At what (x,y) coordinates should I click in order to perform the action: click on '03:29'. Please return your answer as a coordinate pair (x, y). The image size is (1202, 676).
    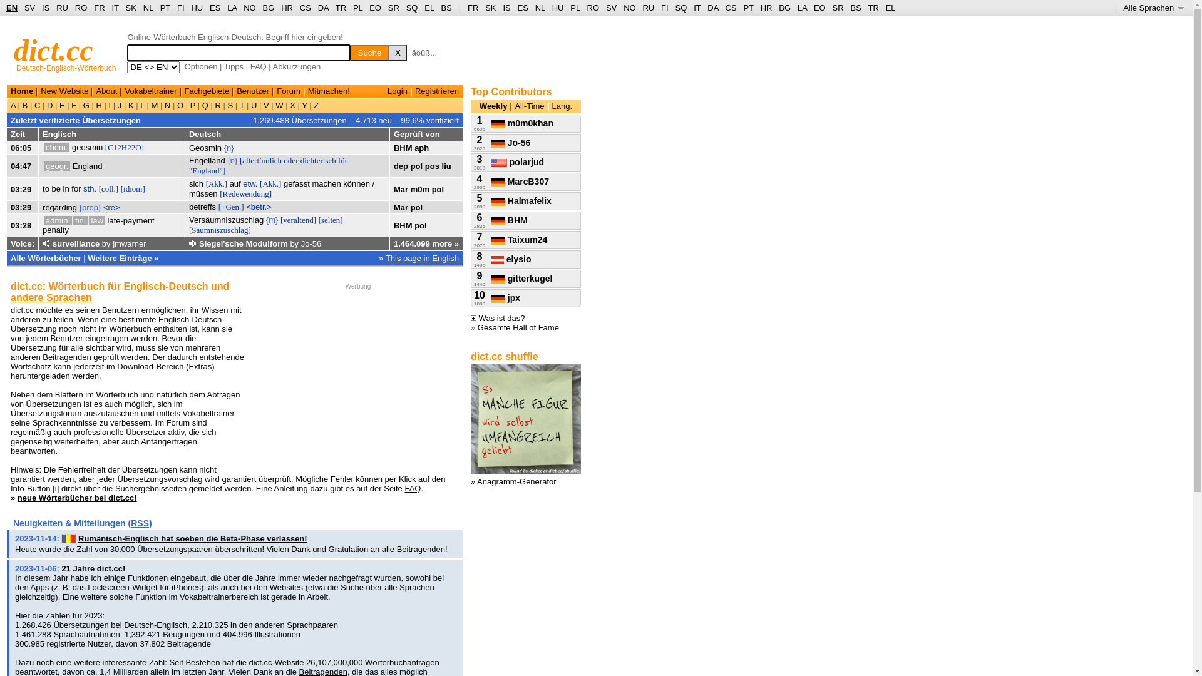
    Looking at the image, I should click on (21, 207).